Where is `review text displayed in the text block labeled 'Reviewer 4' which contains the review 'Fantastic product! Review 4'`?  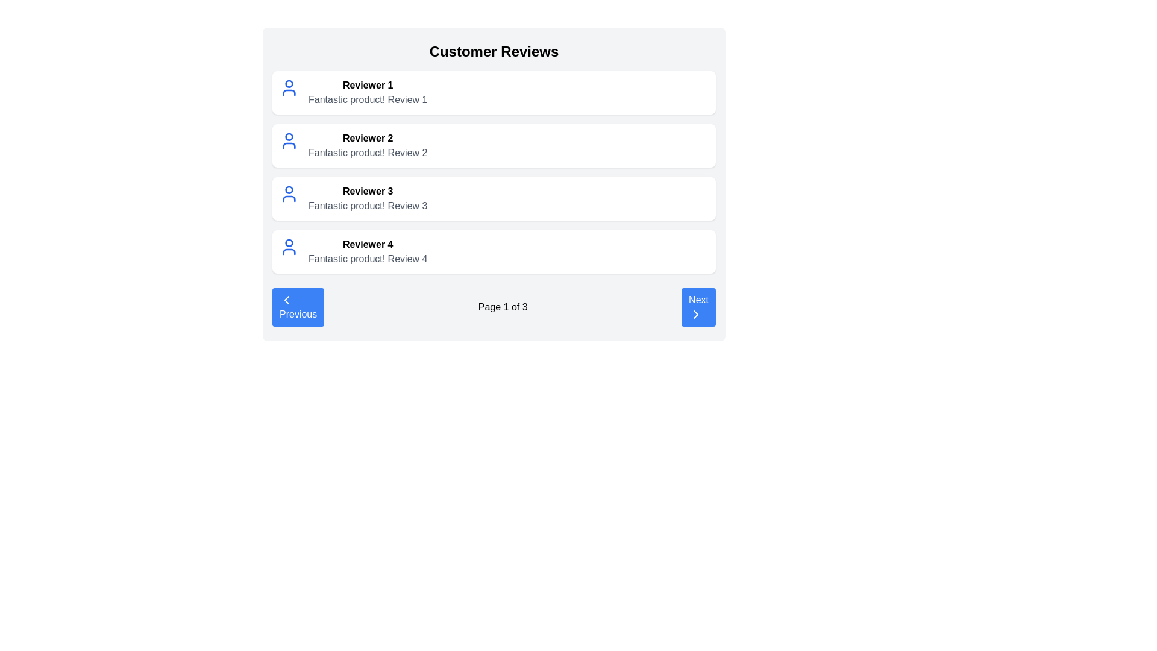
review text displayed in the text block labeled 'Reviewer 4' which contains the review 'Fantastic product! Review 4' is located at coordinates (367, 251).